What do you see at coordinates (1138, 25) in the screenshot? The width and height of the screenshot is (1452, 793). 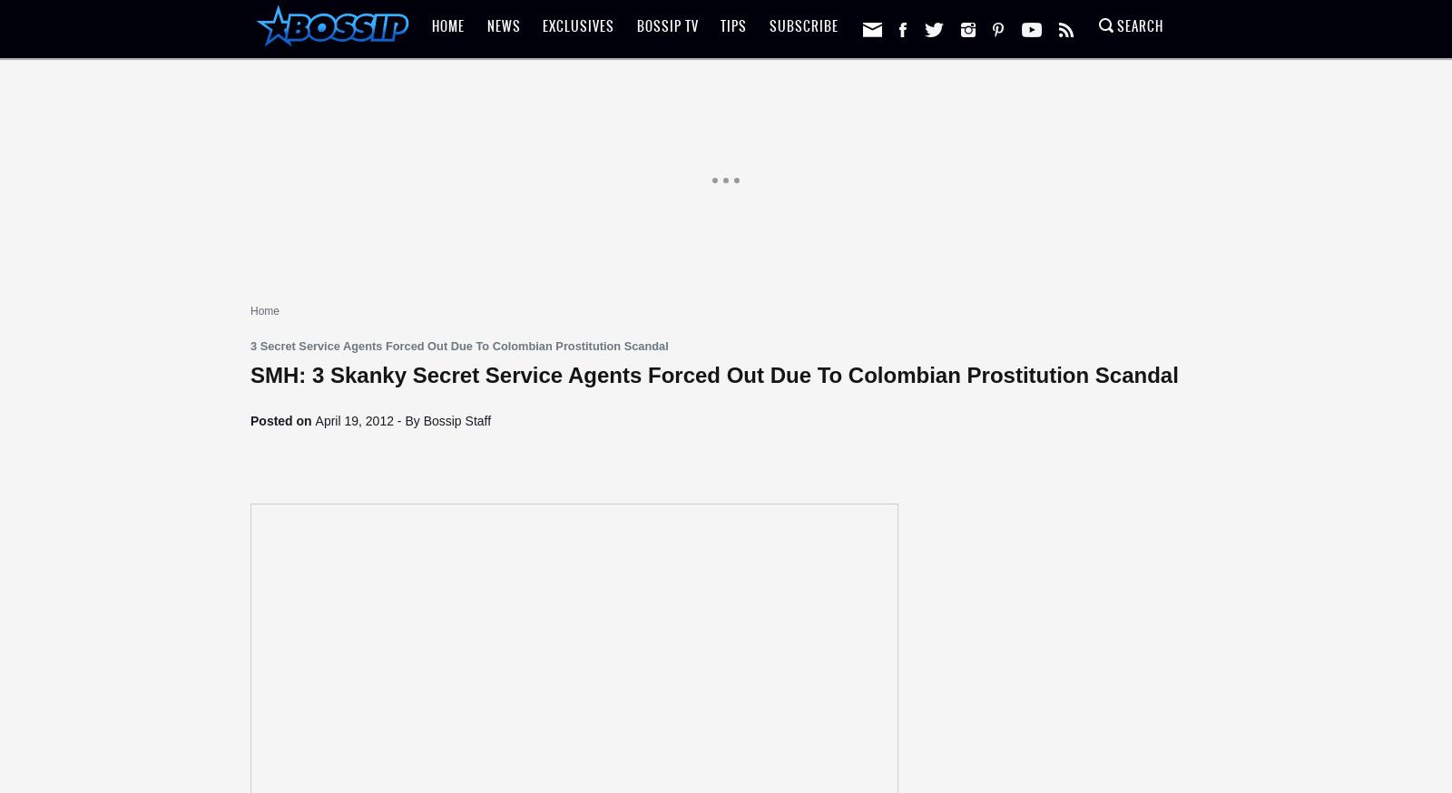 I see `'Search'` at bounding box center [1138, 25].